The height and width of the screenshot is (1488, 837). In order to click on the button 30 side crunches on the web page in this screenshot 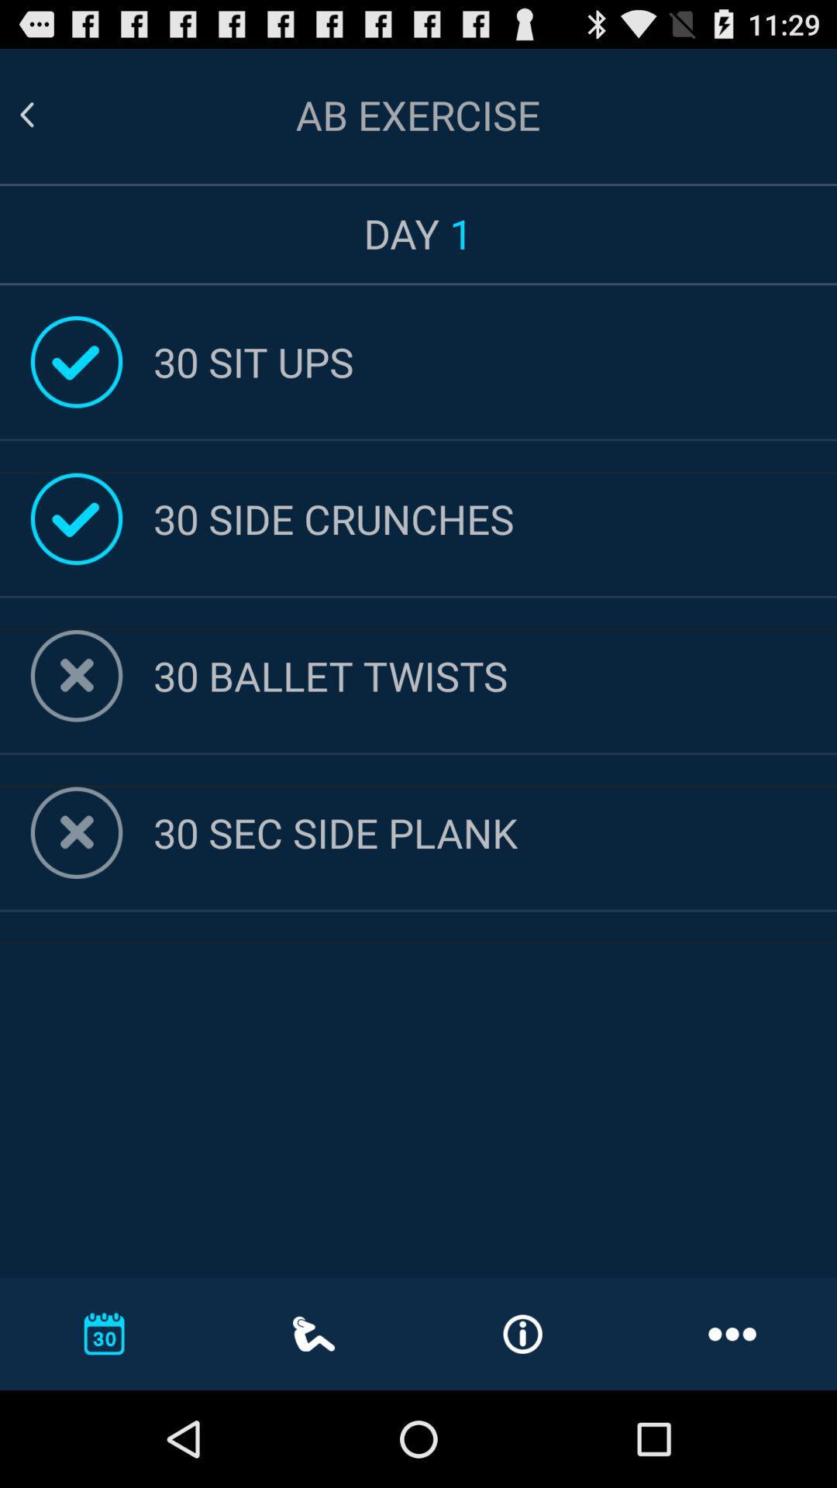, I will do `click(495, 518)`.